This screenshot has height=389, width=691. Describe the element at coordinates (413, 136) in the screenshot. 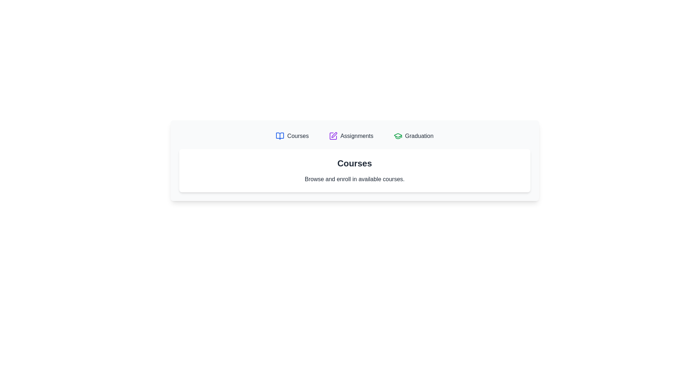

I see `the Graduation tab by clicking on its corresponding button` at that location.